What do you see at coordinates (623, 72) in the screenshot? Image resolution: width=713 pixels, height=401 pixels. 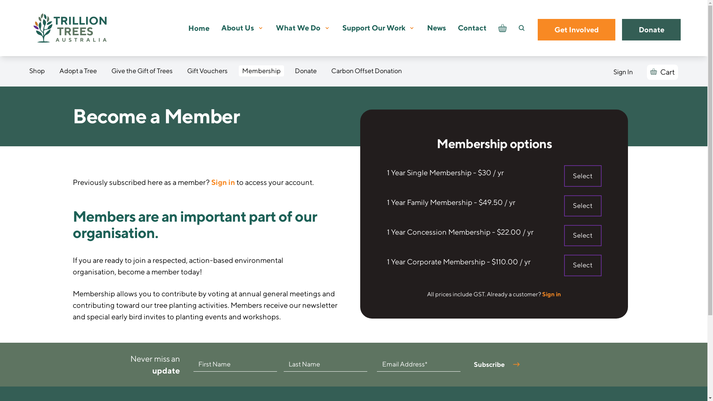 I see `'Sign In'` at bounding box center [623, 72].